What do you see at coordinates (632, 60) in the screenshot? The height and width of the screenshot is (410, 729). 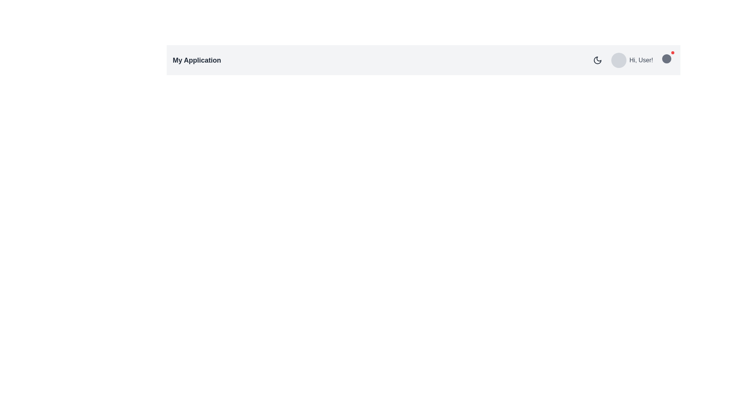 I see `the User greeting indicator that includes a gray circular avatar and the text 'Hi, User!' located in the top-right corner of the interface` at bounding box center [632, 60].